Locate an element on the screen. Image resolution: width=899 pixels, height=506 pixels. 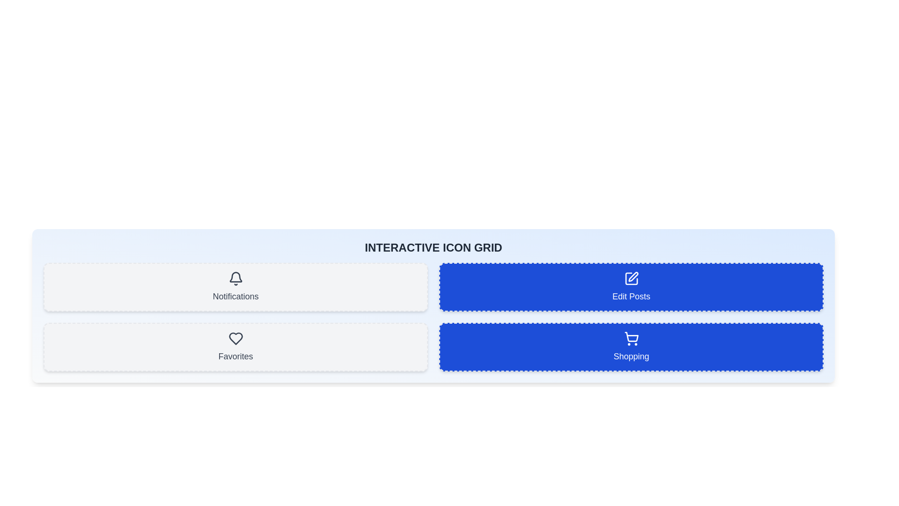
the grid item labeled Favorites to observe the hover effect is located at coordinates (236, 347).